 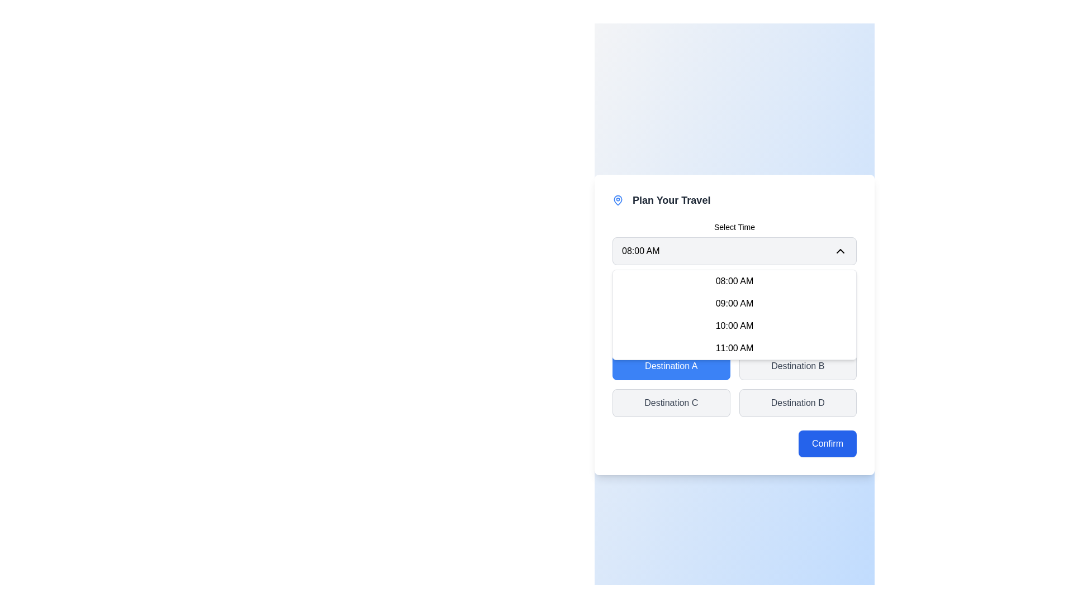 I want to click on the selectable time option '10:00 AM' in the dropdown list within the 'Select Time' section of the 'Plan Your Travel' interface, so click(x=734, y=319).